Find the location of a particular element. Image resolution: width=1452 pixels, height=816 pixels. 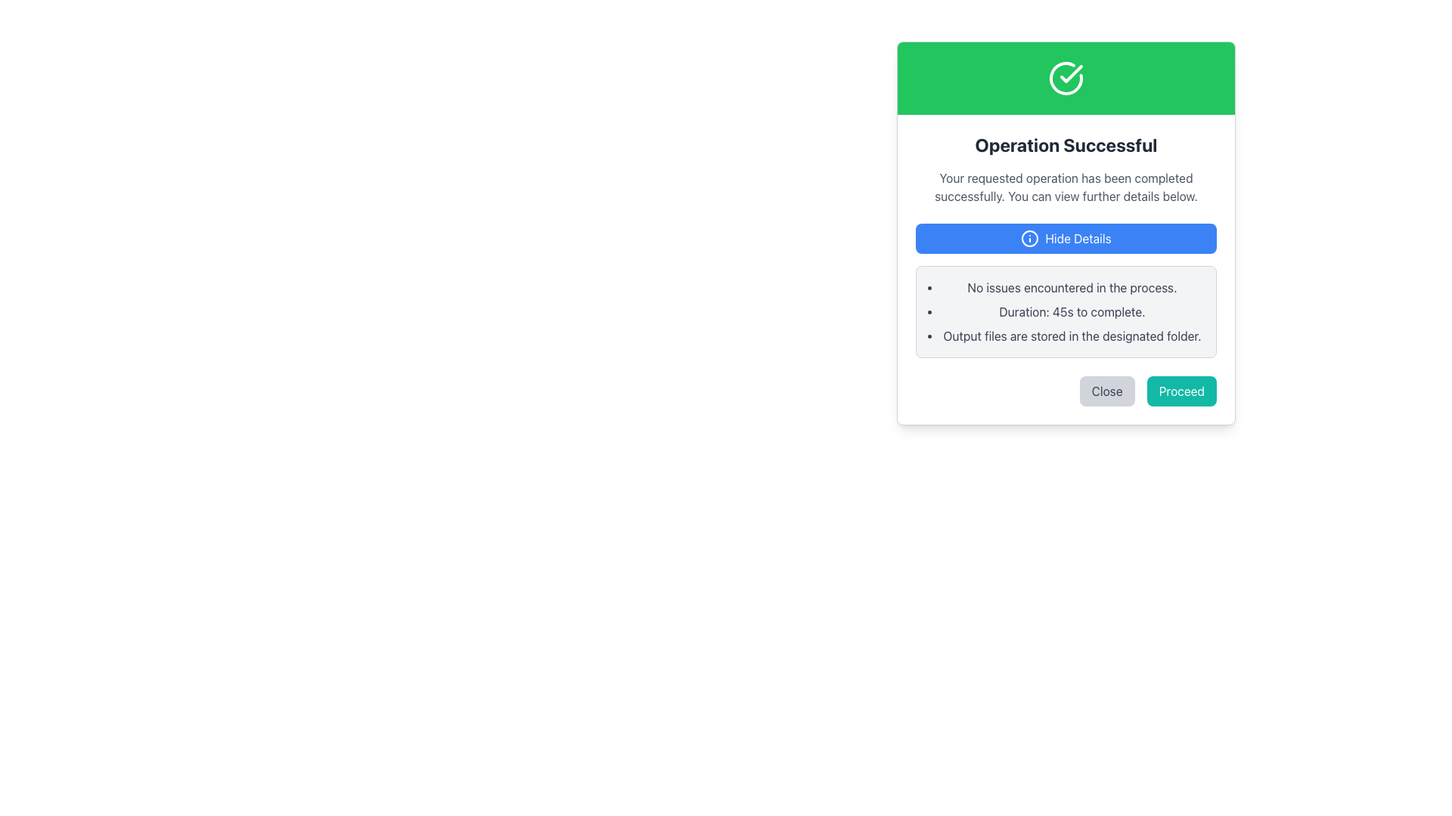

text content of the static text block that confirms the successful completion of the operation, located below the 'Operation Successful' title and above the 'Hide Details' button is located at coordinates (1066, 186).